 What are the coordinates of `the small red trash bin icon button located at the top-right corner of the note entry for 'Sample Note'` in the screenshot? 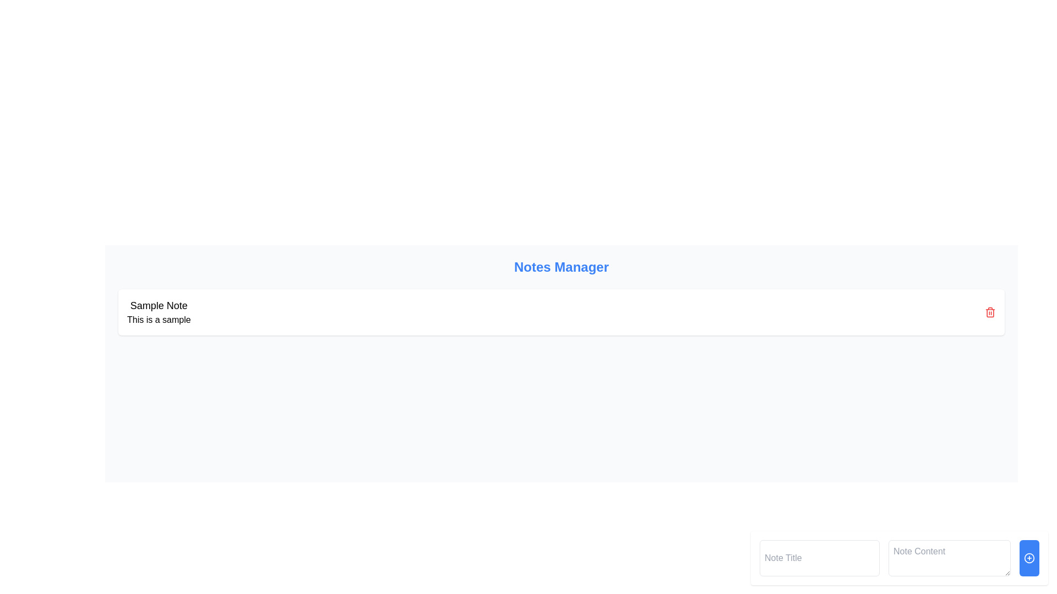 It's located at (990, 312).